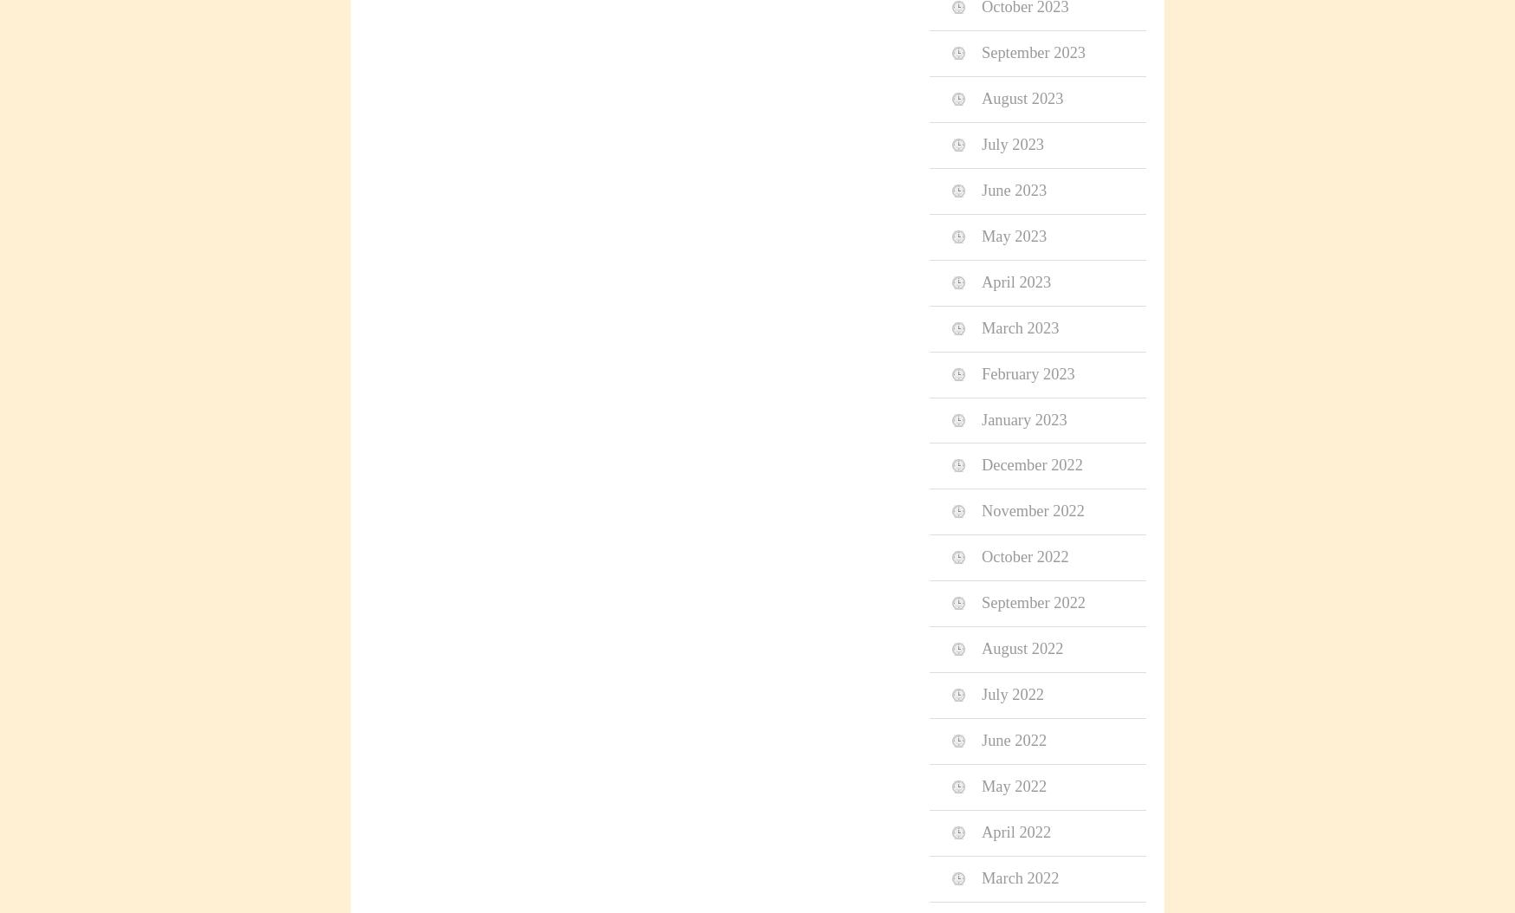  What do you see at coordinates (1019, 876) in the screenshot?
I see `'March 2022'` at bounding box center [1019, 876].